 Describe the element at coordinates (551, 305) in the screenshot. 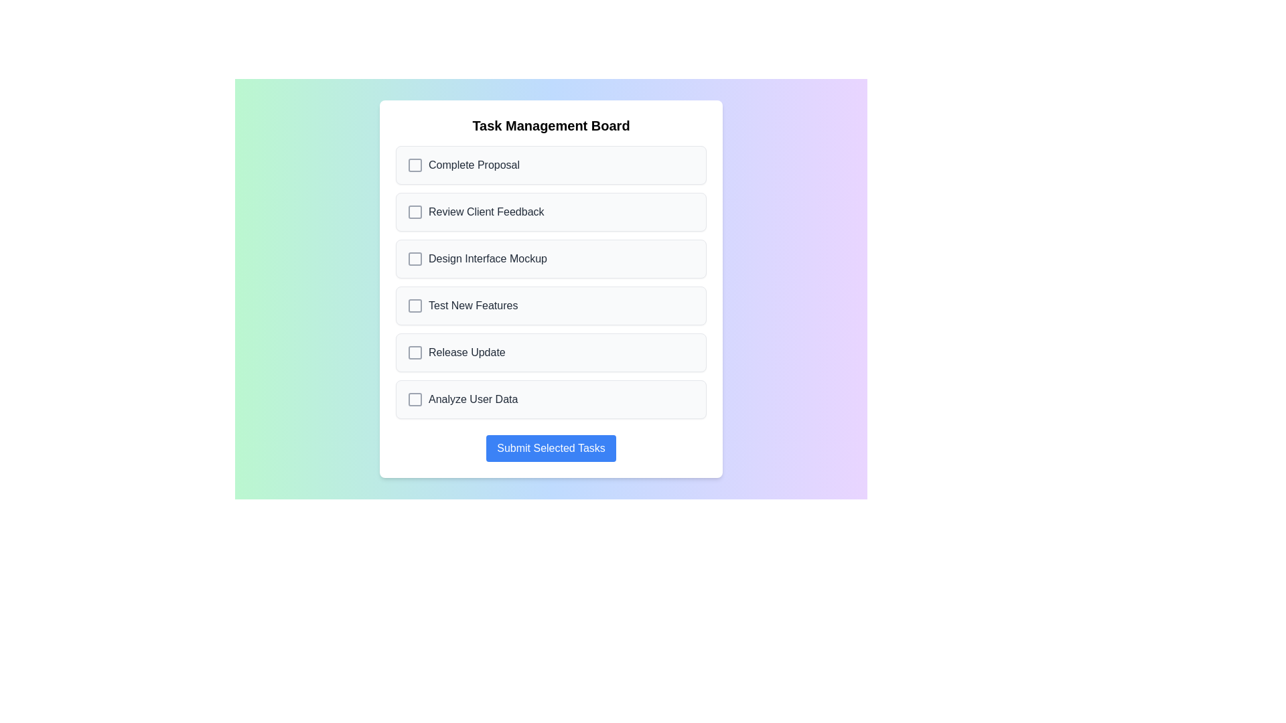

I see `the task named Test New Features` at that location.